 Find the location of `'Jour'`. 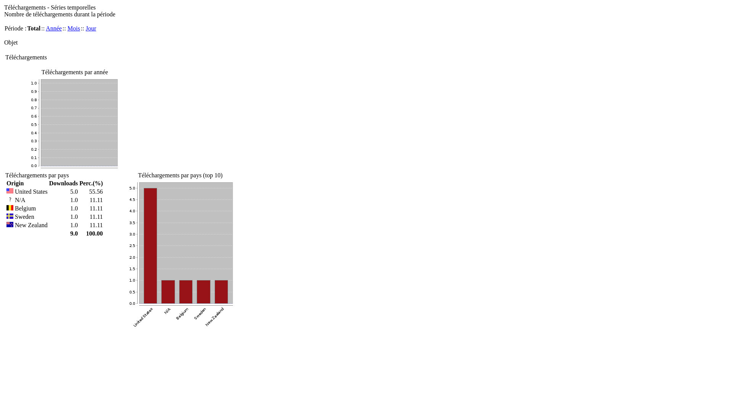

'Jour' is located at coordinates (91, 28).